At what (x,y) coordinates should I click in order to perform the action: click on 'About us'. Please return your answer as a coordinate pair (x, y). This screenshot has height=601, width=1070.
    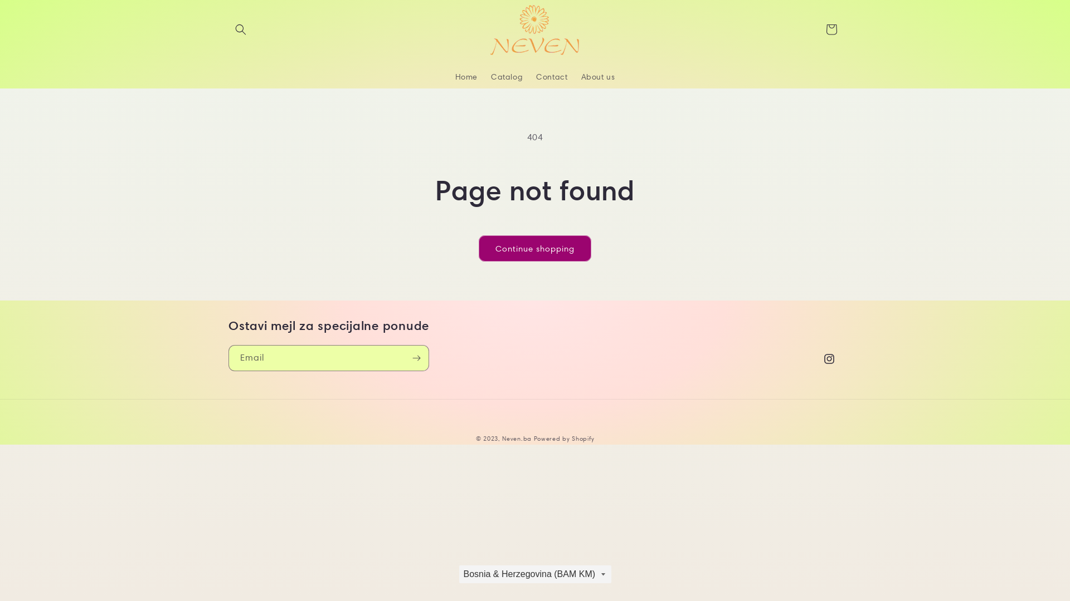
    Looking at the image, I should click on (597, 76).